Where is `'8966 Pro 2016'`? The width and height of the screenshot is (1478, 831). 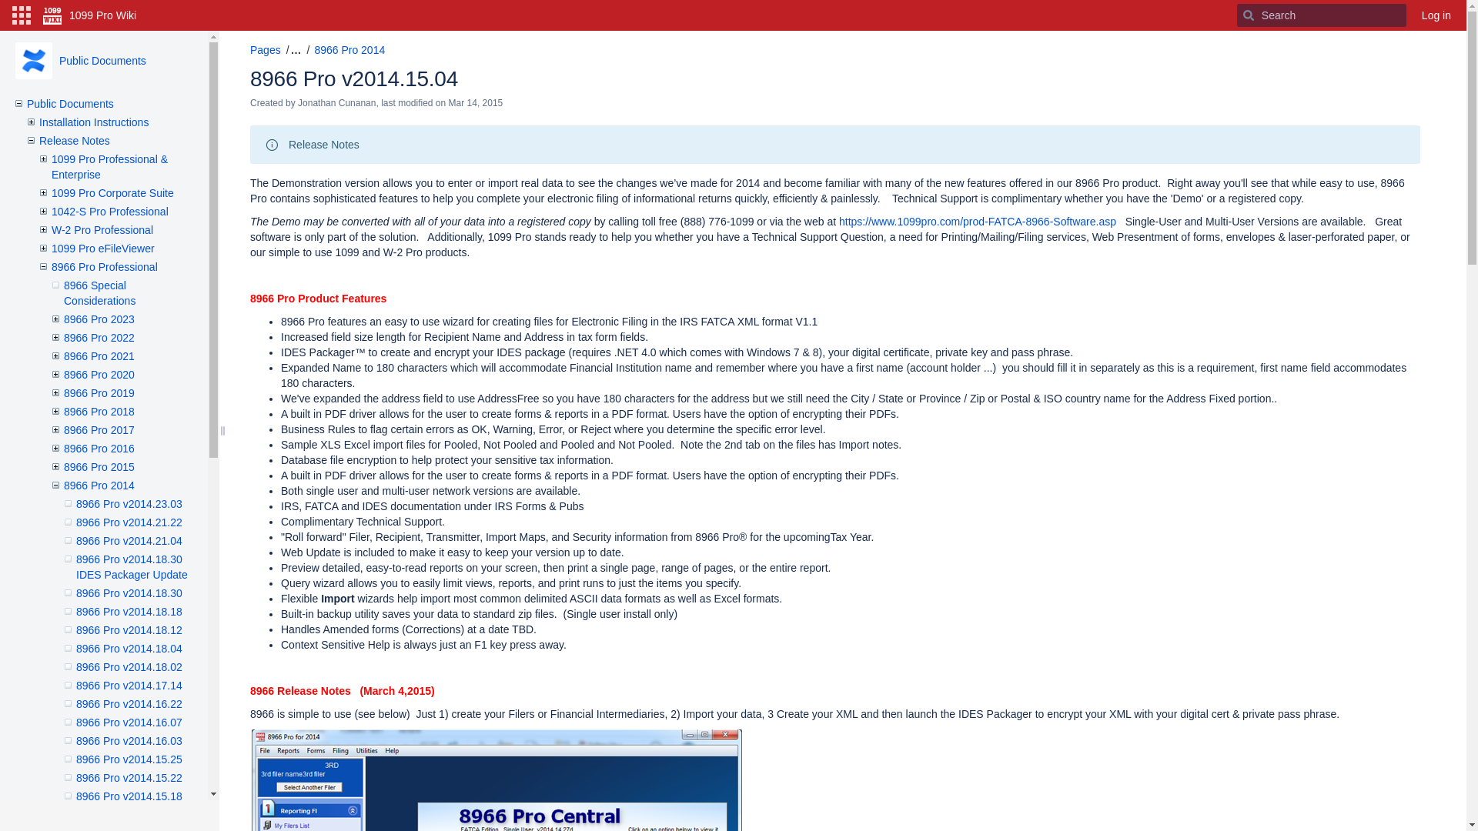 '8966 Pro 2016' is located at coordinates (99, 448).